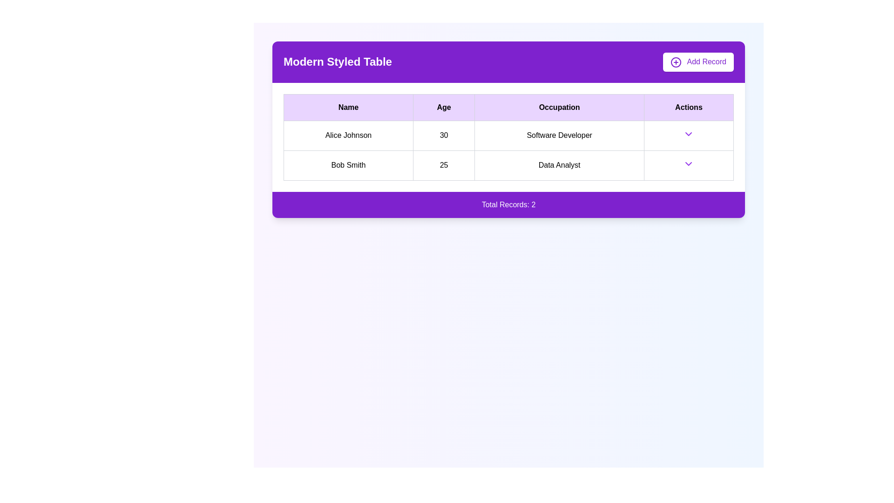  Describe the element at coordinates (689, 134) in the screenshot. I see `the downwards pointing purple chevron icon in the 'Actions' column to trigger its hover effect` at that location.